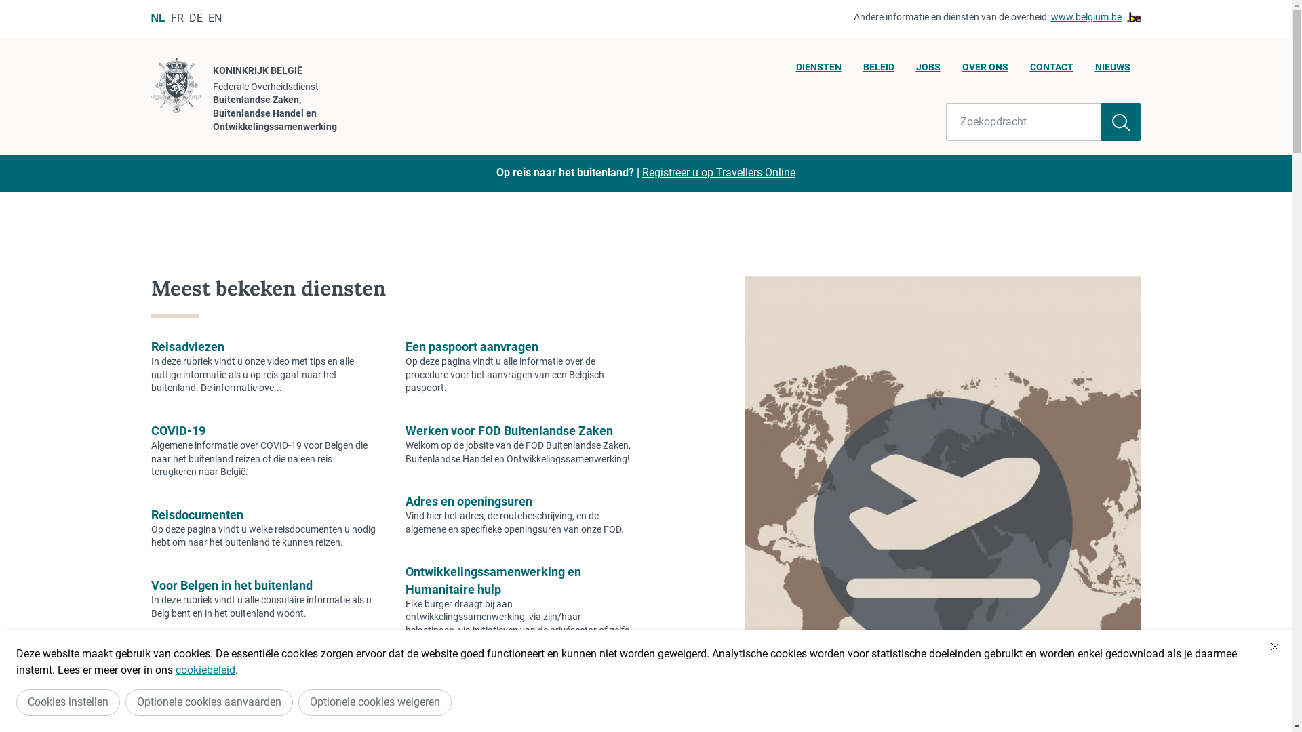  What do you see at coordinates (878, 70) in the screenshot?
I see `'BELEID'` at bounding box center [878, 70].